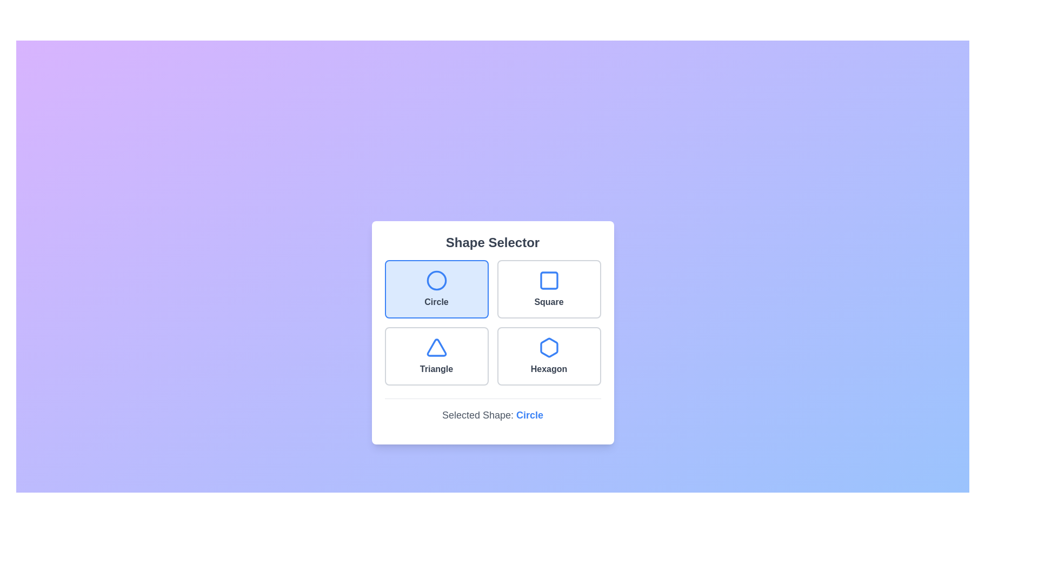 This screenshot has width=1038, height=584. What do you see at coordinates (436, 356) in the screenshot?
I see `the shape Triangle by clicking its button` at bounding box center [436, 356].